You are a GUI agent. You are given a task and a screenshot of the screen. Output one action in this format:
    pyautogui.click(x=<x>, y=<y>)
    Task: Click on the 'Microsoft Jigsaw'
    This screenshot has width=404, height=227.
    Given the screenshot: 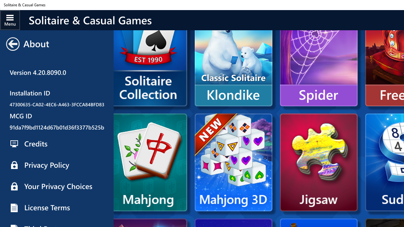 What is the action you would take?
    pyautogui.click(x=318, y=162)
    